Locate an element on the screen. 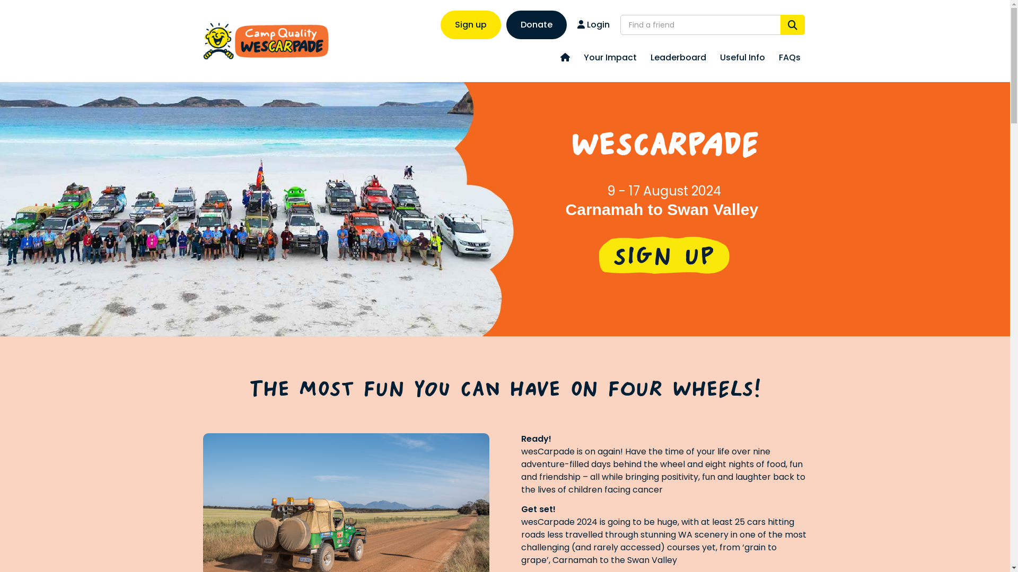 The width and height of the screenshot is (1018, 572). 'Donate' is located at coordinates (536, 24).